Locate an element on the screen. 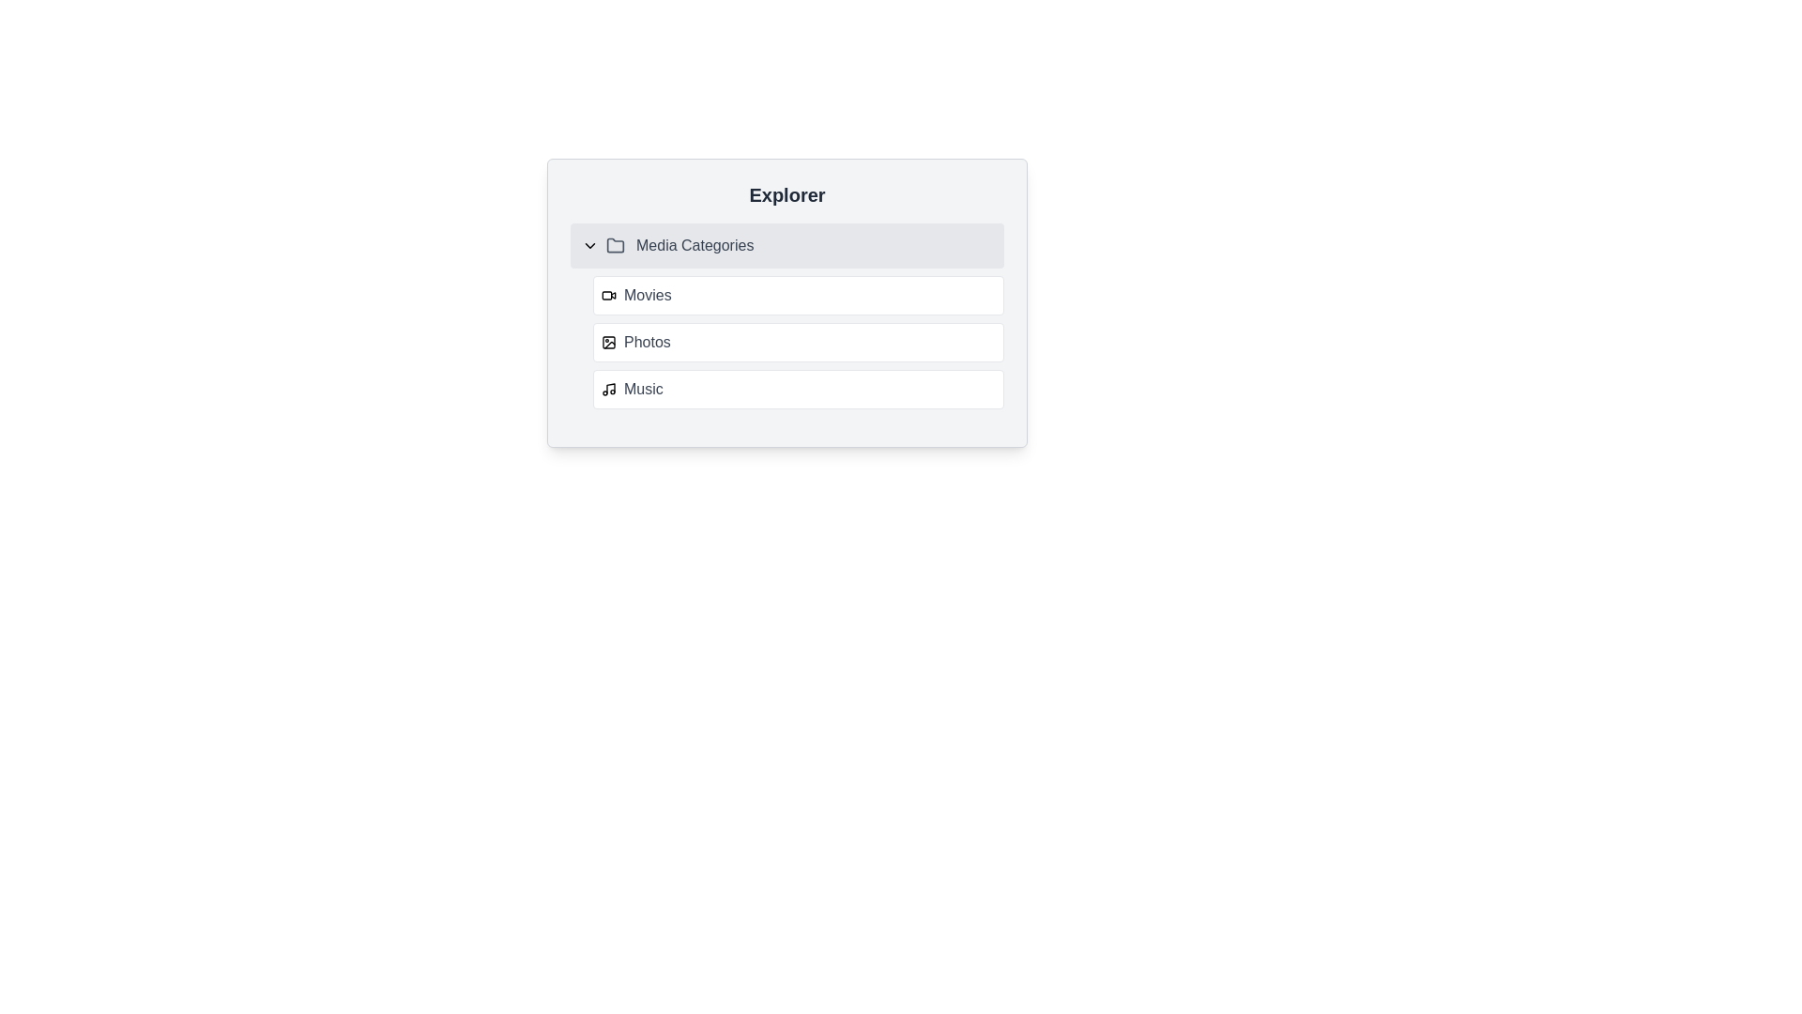  the 'Movies' category icon, which is positioned to the immediate left of the 'Movies' text in the media list is located at coordinates (608, 296).